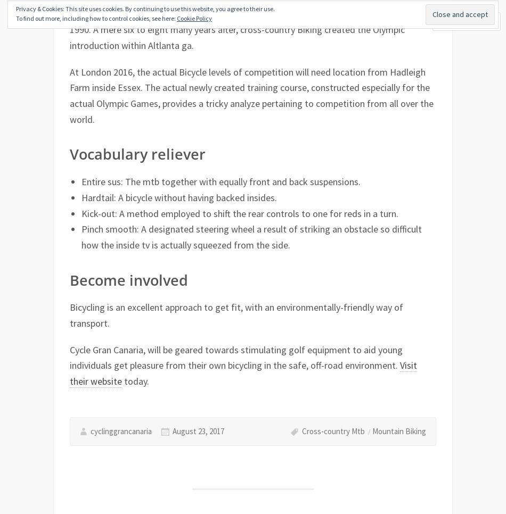 The image size is (506, 514). I want to click on 'Entire sus: The mtb together with equally front and back suspensions.', so click(220, 181).